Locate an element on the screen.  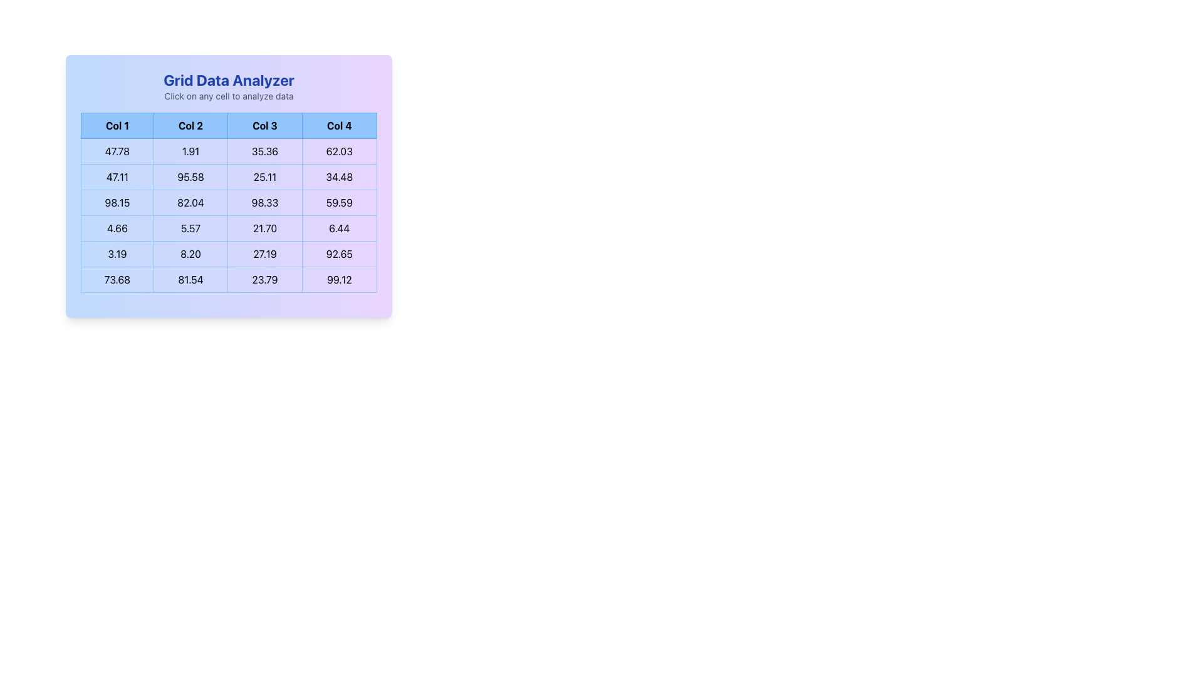
the fourth cell in the last row of the grid, which represents a numerical statistic or value is located at coordinates (339, 279).